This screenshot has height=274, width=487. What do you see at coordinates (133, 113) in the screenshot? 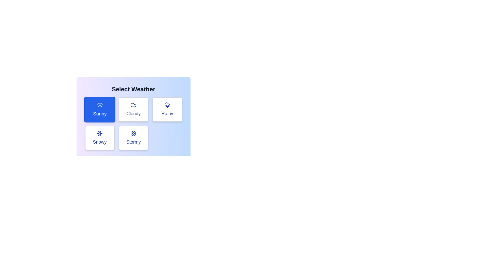
I see `label 'Cloudy' displayed in blue font within the second button of the weather selection panel titled 'Select Weather.'` at bounding box center [133, 113].